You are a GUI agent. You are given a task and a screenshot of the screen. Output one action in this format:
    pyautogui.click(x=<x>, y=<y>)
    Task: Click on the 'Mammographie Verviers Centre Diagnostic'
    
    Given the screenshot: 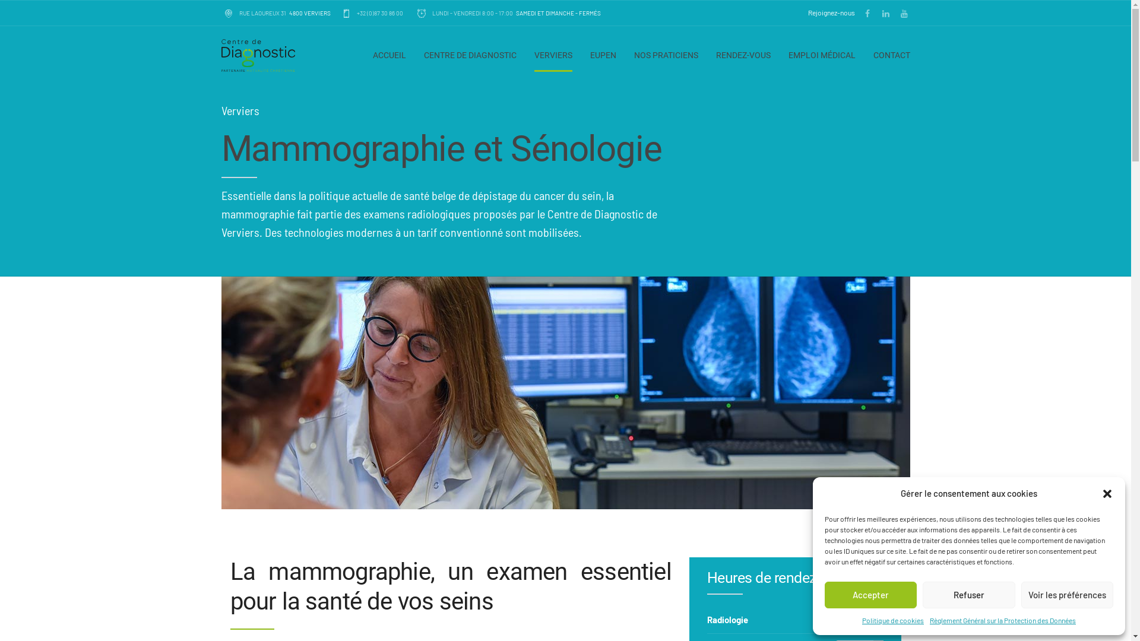 What is the action you would take?
    pyautogui.click(x=221, y=393)
    